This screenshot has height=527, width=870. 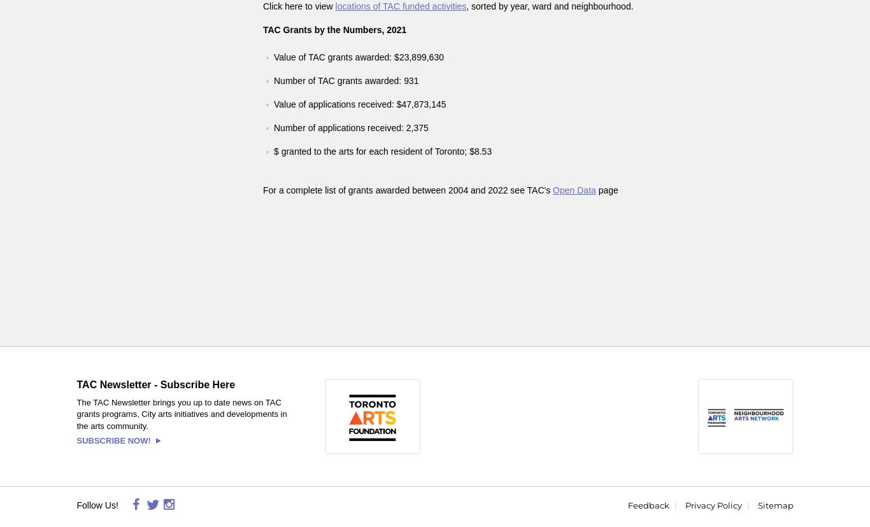 What do you see at coordinates (648, 505) in the screenshot?
I see `'Feedback'` at bounding box center [648, 505].